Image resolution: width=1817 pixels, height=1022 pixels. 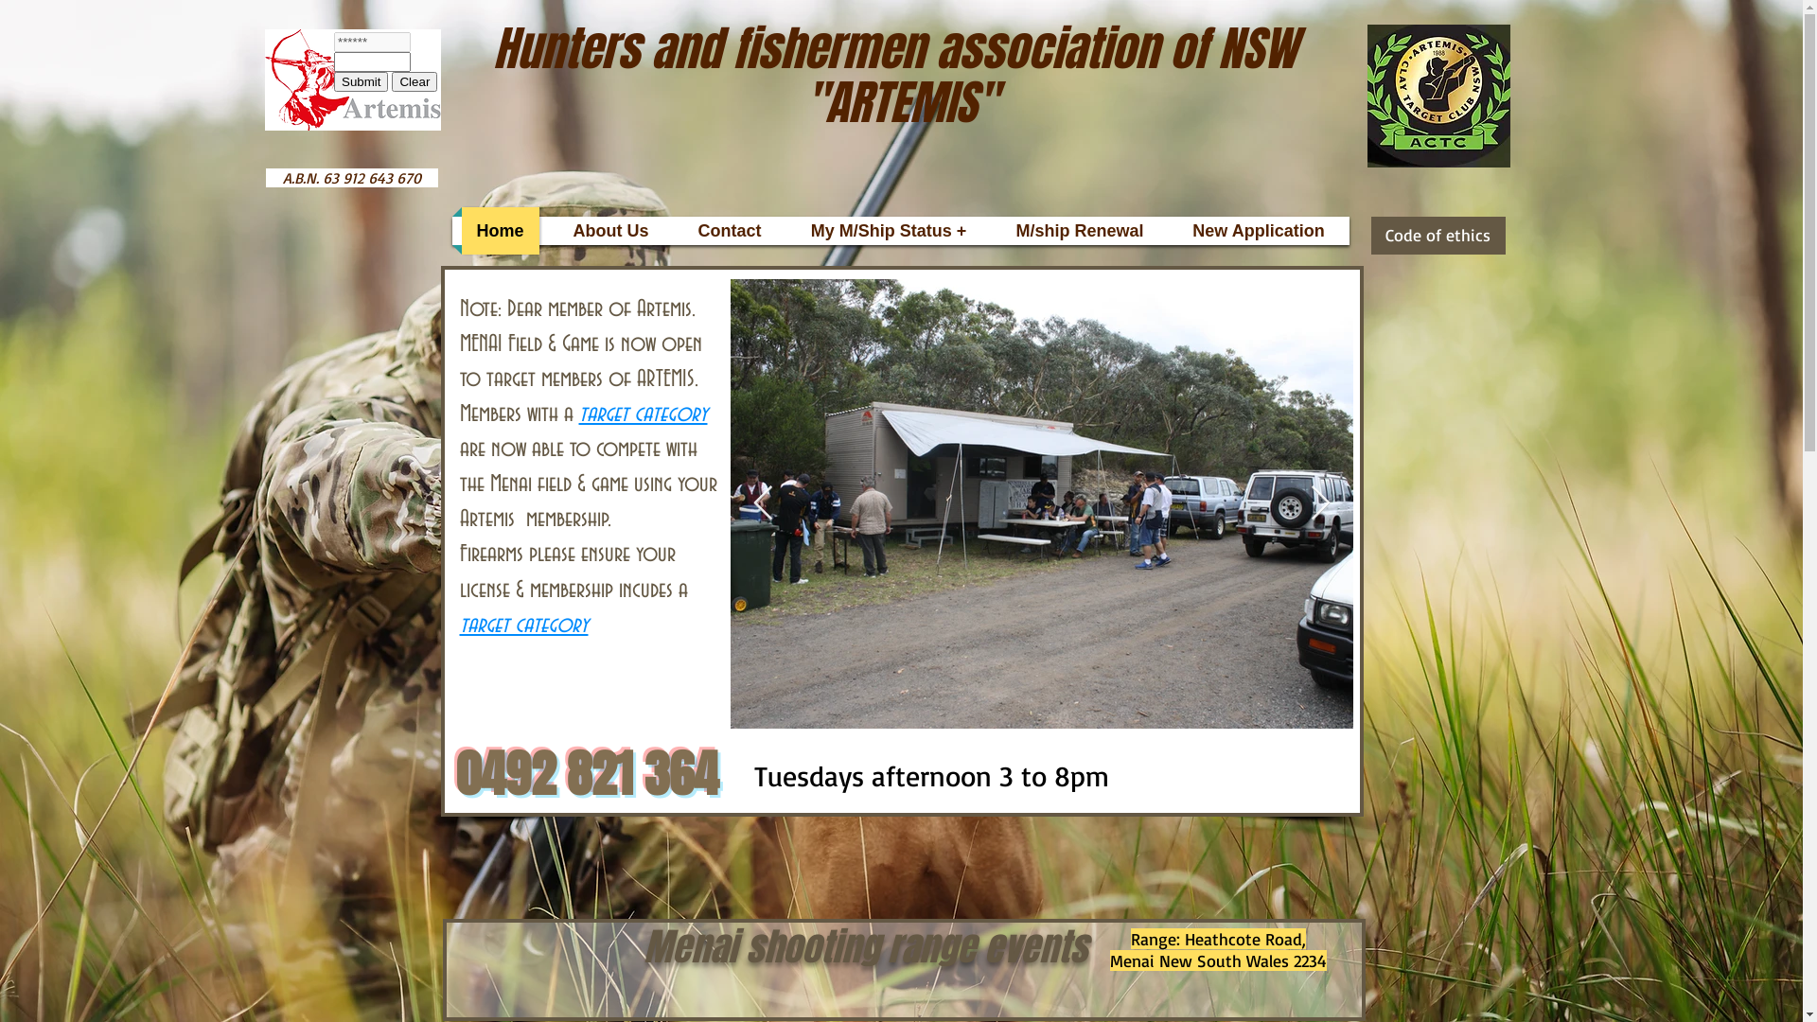 What do you see at coordinates (887, 229) in the screenshot?
I see `'My M/Ship Status +'` at bounding box center [887, 229].